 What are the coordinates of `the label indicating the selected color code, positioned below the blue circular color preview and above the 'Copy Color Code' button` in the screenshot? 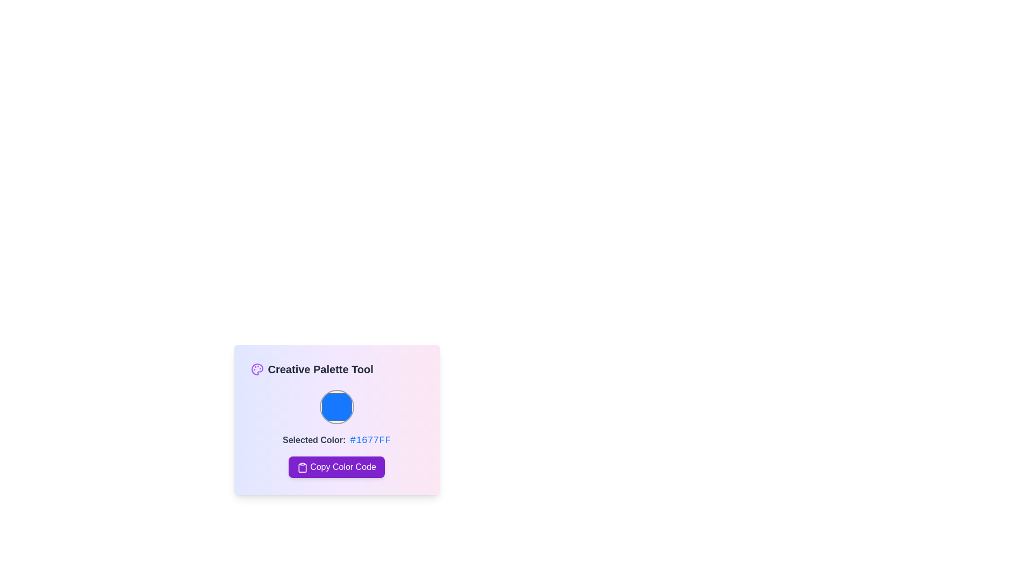 It's located at (313, 440).